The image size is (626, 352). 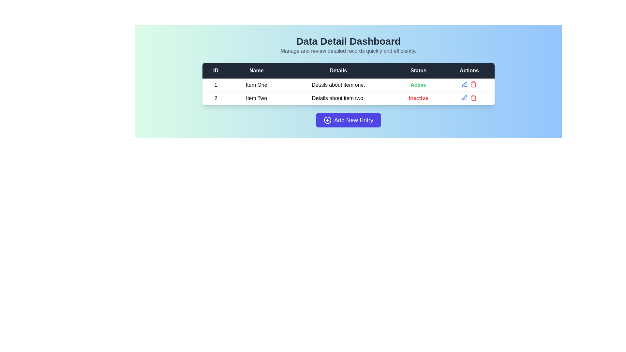 What do you see at coordinates (216, 70) in the screenshot?
I see `the Header Cell of the data table which displays identification numbers for each row` at bounding box center [216, 70].